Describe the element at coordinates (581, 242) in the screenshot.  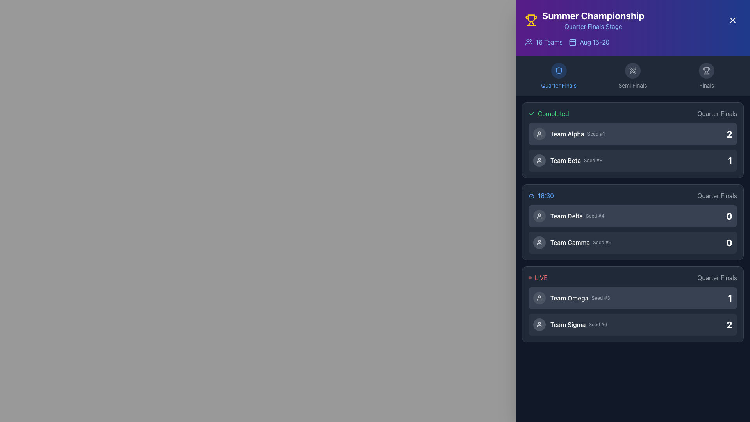
I see `text content displayed in the Text Label showing 'Team Gamma' and 'Seed #5', located under the '16:30 Quarter Finals' section on the right-side panel of the interface` at that location.